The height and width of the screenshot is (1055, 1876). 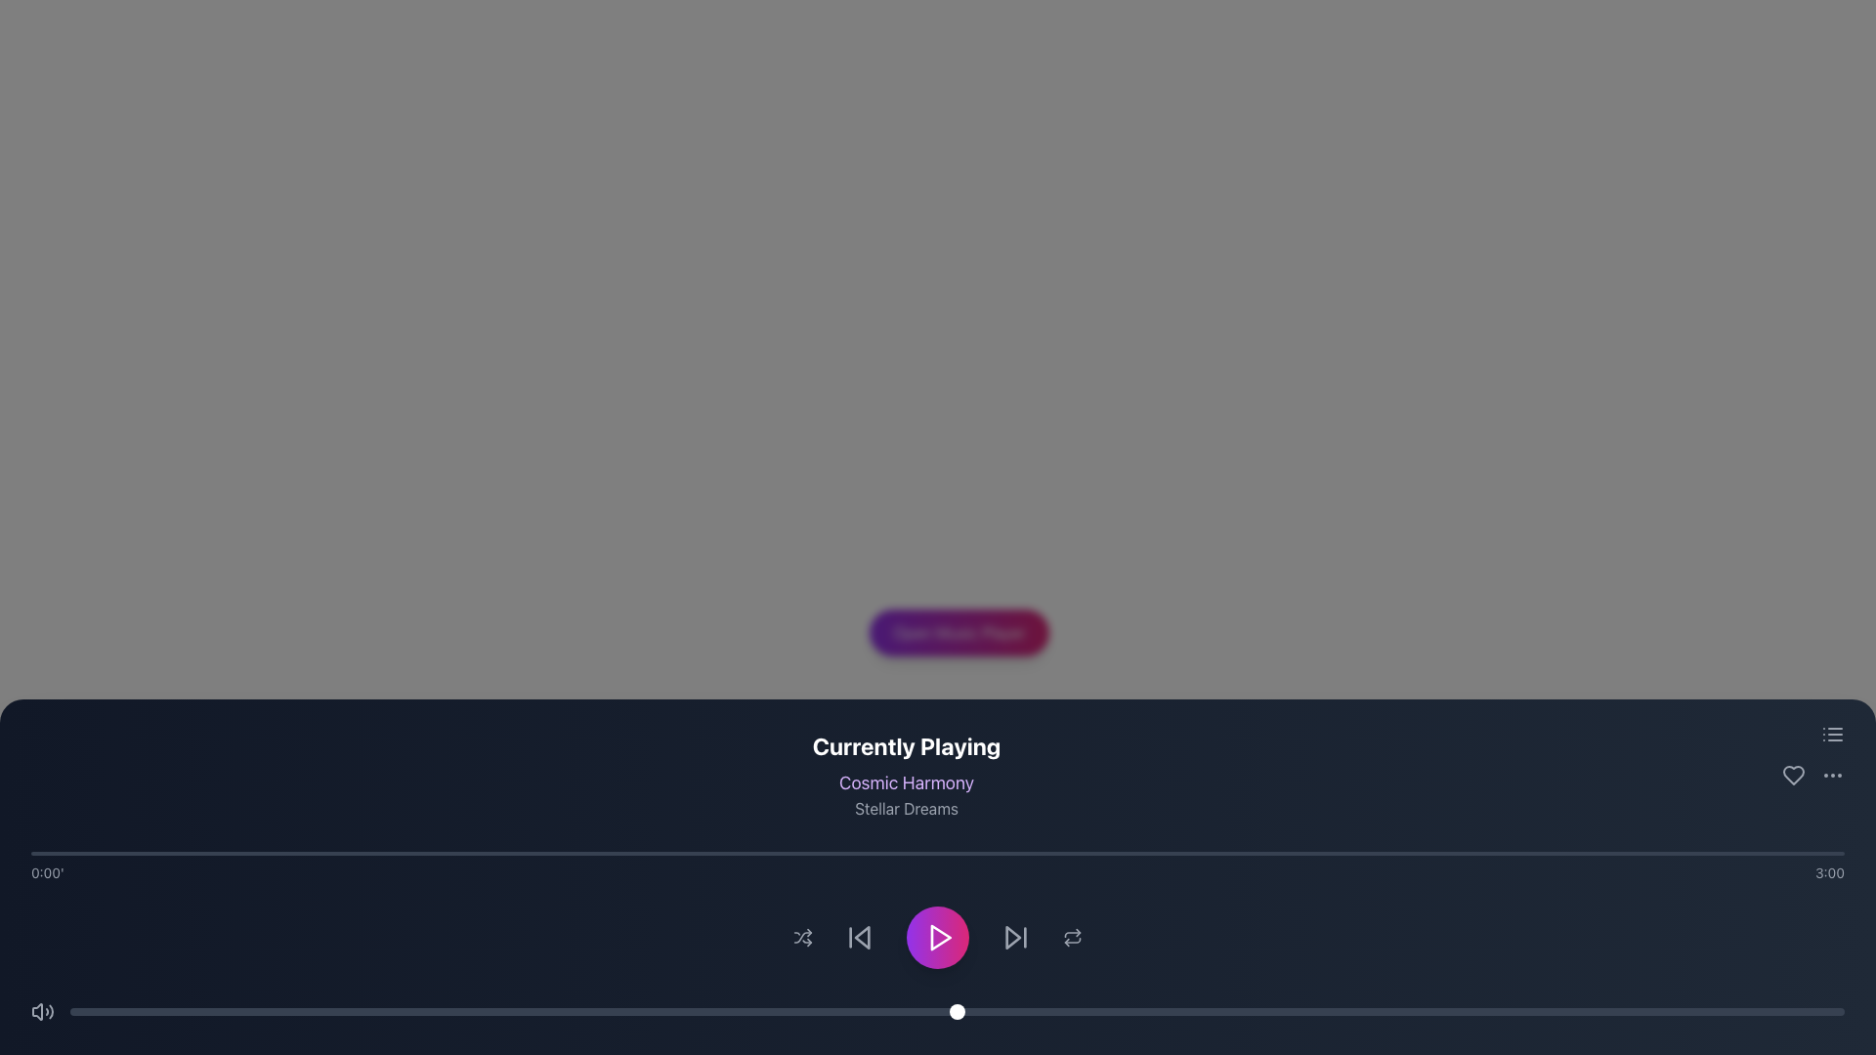 What do you see at coordinates (938, 937) in the screenshot?
I see `the circular button with a purple to pink gradient background featuring a white play icon in the center to observe hover effects` at bounding box center [938, 937].